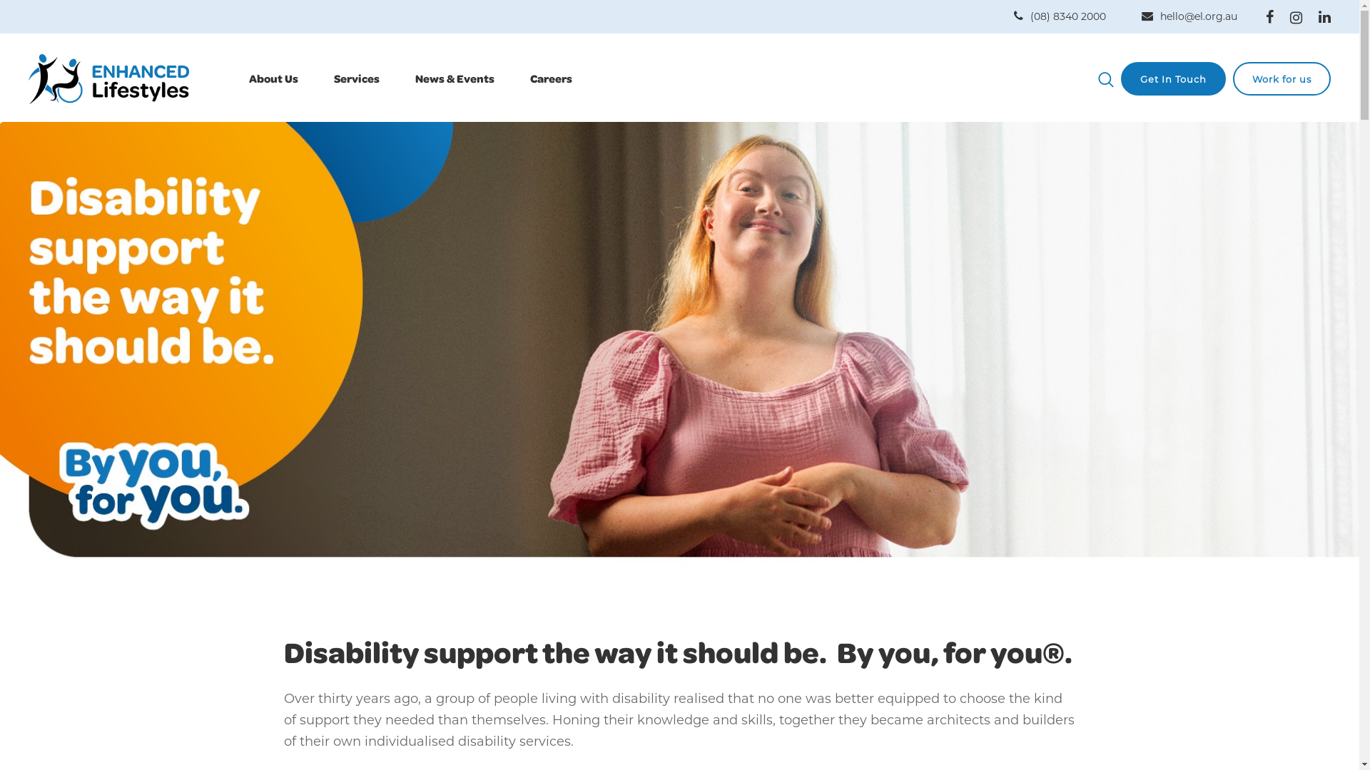  Describe the element at coordinates (1324, 16) in the screenshot. I see `'Linkedin'` at that location.